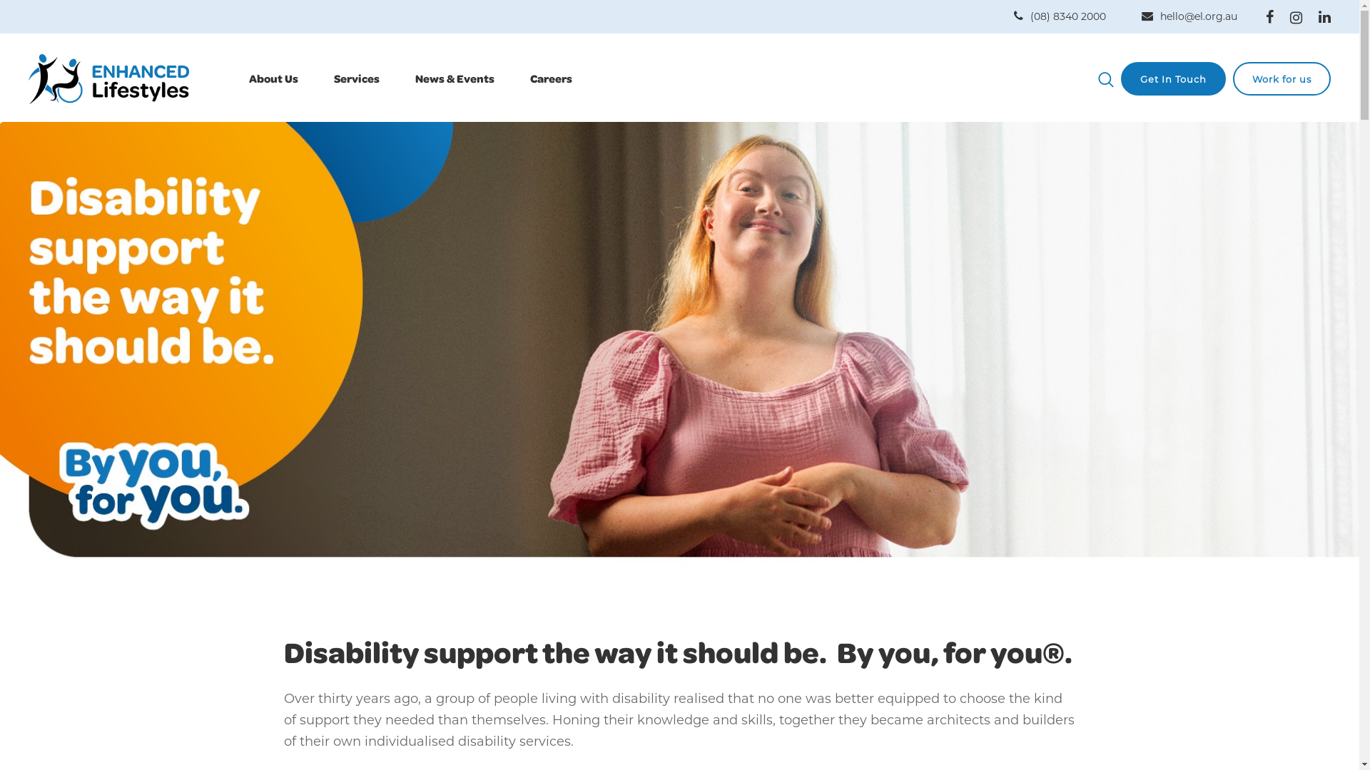  Describe the element at coordinates (1324, 16) in the screenshot. I see `'Linkedin'` at that location.